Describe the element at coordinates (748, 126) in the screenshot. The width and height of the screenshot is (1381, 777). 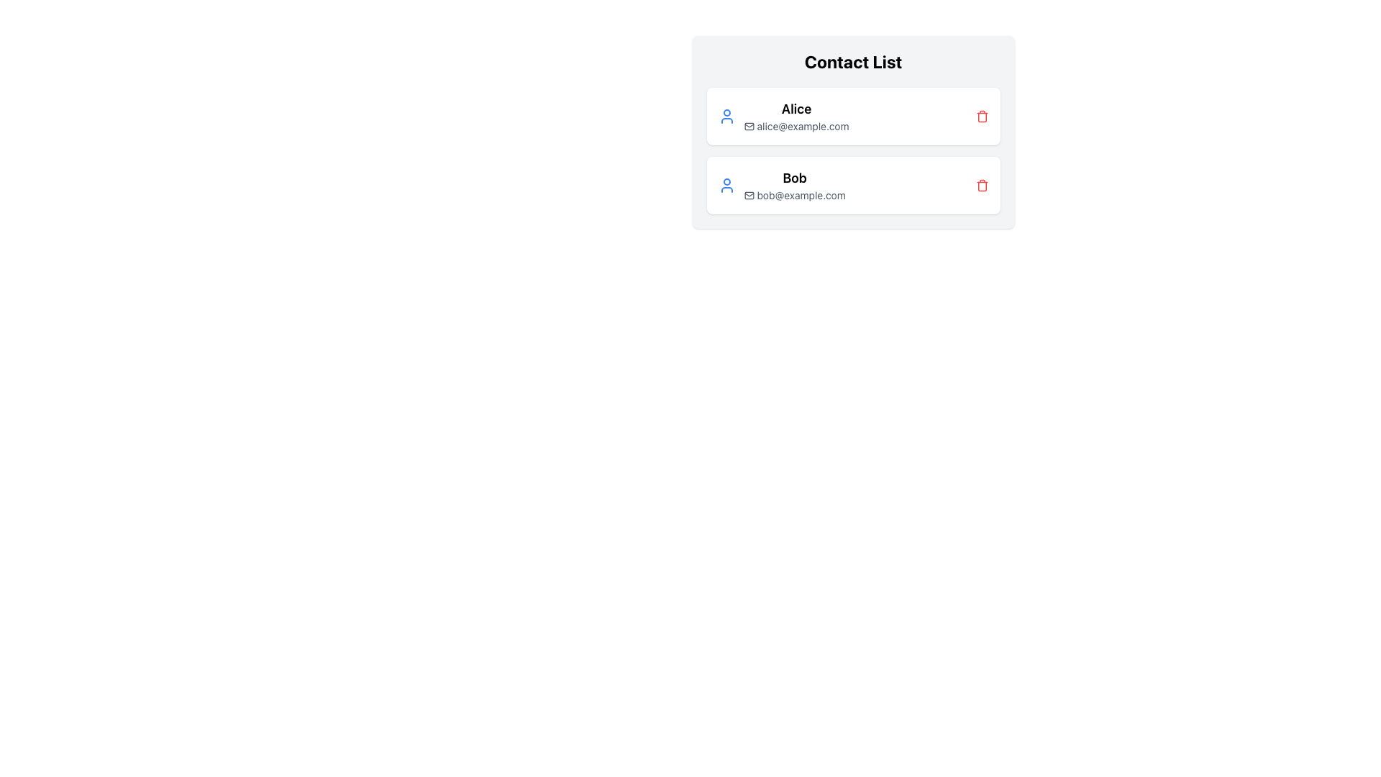
I see `the envelope-shaped email icon located next to the email address 'alice@example.com'` at that location.